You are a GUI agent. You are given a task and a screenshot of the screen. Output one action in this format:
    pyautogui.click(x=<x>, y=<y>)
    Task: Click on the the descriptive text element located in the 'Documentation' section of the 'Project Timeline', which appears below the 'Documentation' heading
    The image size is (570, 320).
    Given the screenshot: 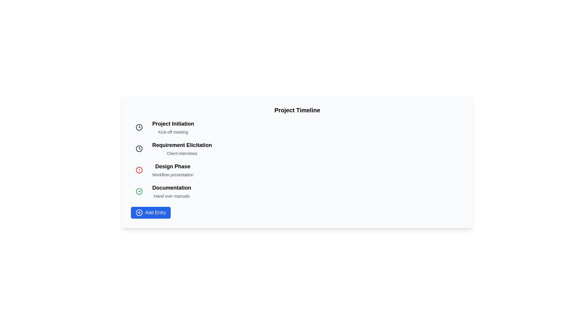 What is the action you would take?
    pyautogui.click(x=171, y=196)
    